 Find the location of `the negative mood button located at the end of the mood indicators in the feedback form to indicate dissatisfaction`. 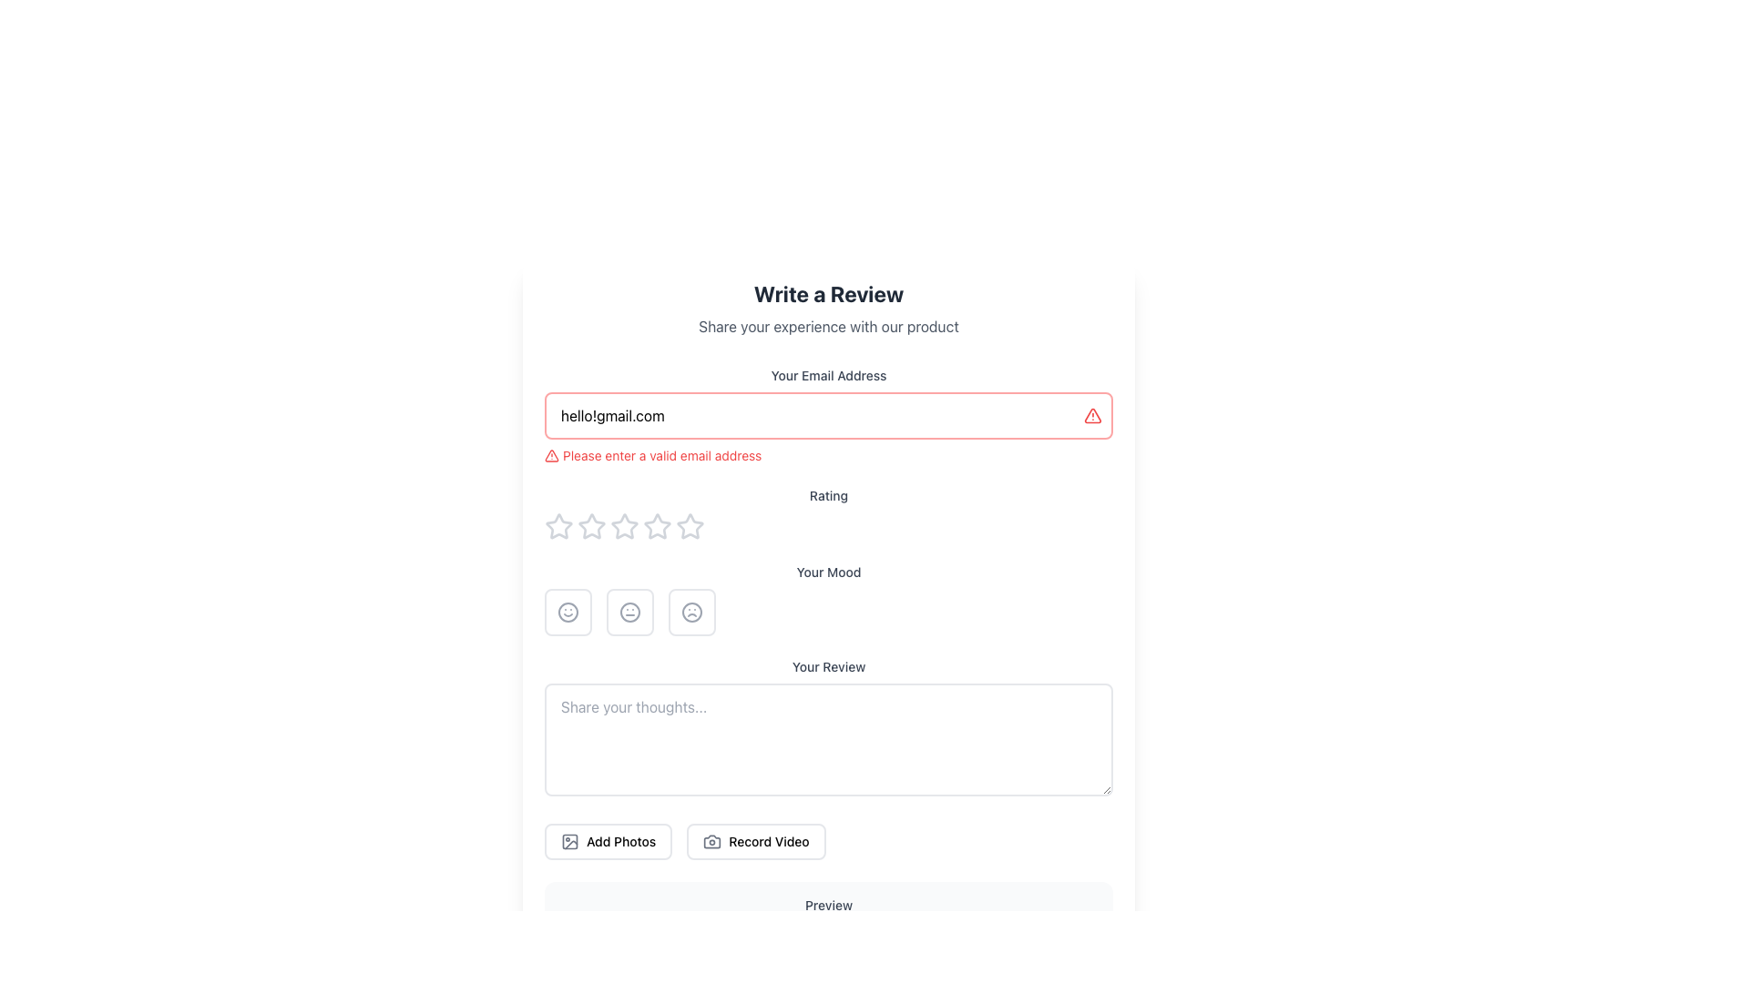

the negative mood button located at the end of the mood indicators in the feedback form to indicate dissatisfaction is located at coordinates (690, 612).